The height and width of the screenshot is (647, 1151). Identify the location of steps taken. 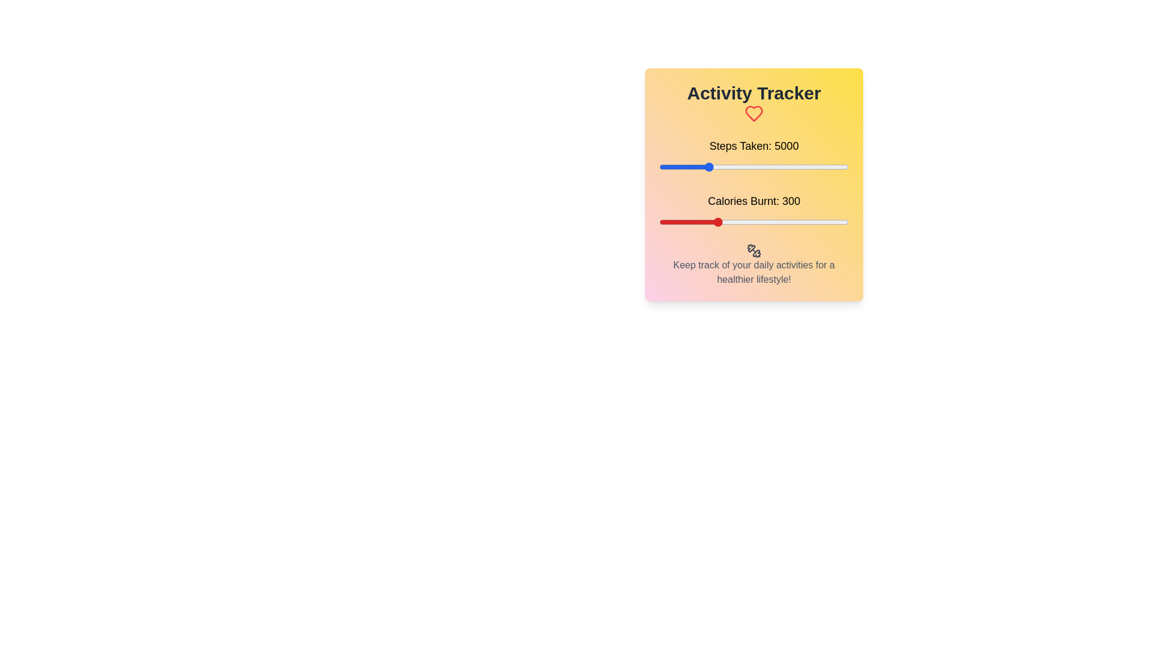
(764, 167).